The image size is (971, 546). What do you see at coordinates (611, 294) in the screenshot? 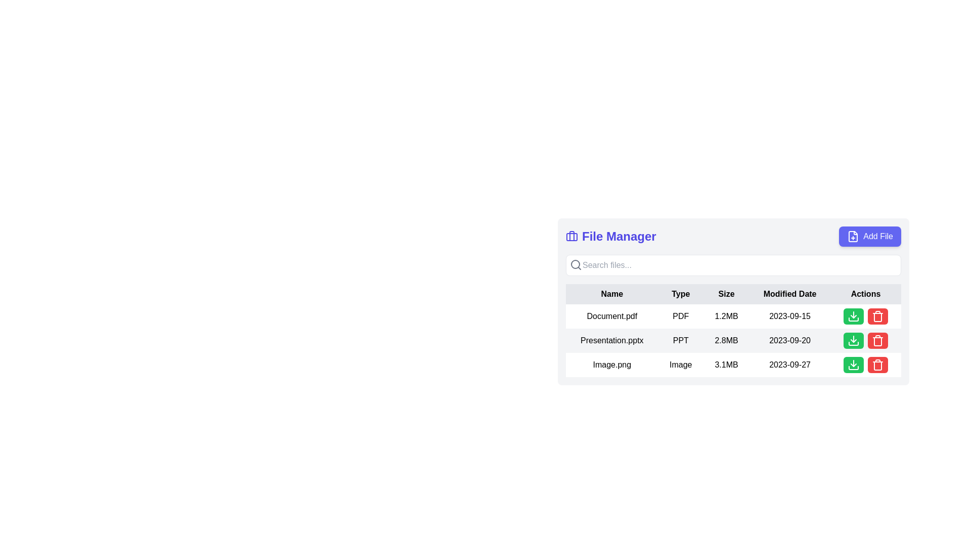
I see `the 'Name' label, which is the first header in the table, styled in bold black font on a light gray background` at bounding box center [611, 294].